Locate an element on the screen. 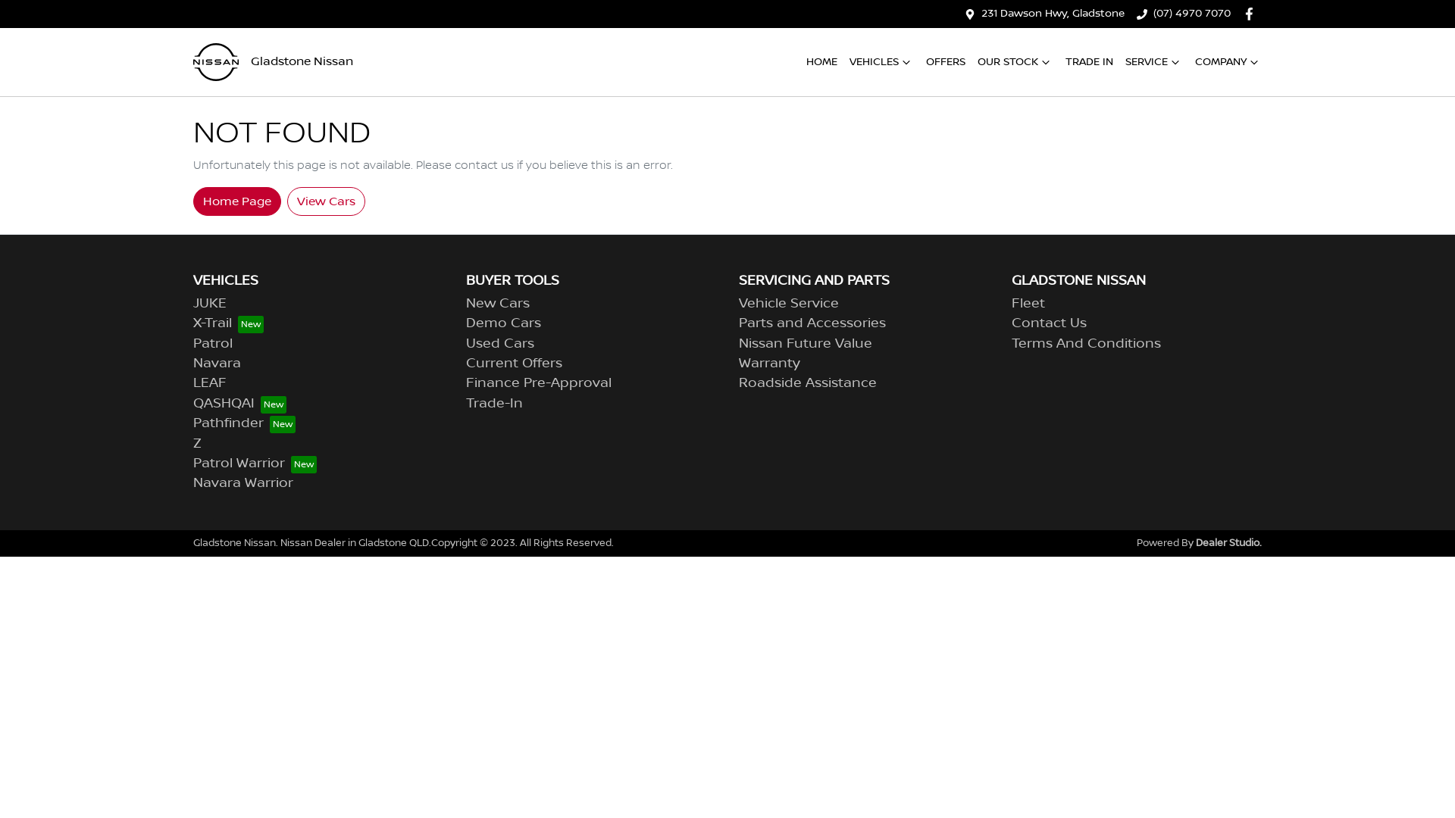 This screenshot has height=818, width=1455. 'JUKE' is located at coordinates (209, 304).